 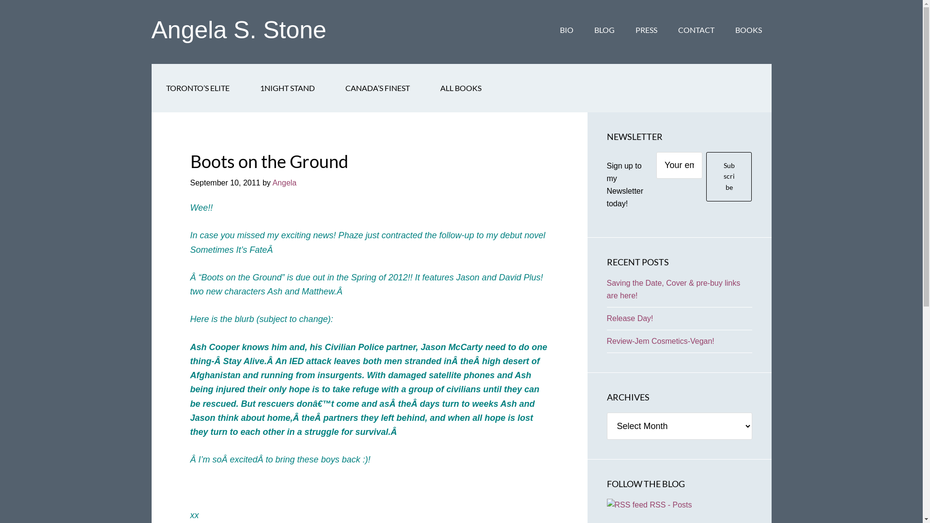 What do you see at coordinates (729, 177) in the screenshot?
I see `'Subscribe'` at bounding box center [729, 177].